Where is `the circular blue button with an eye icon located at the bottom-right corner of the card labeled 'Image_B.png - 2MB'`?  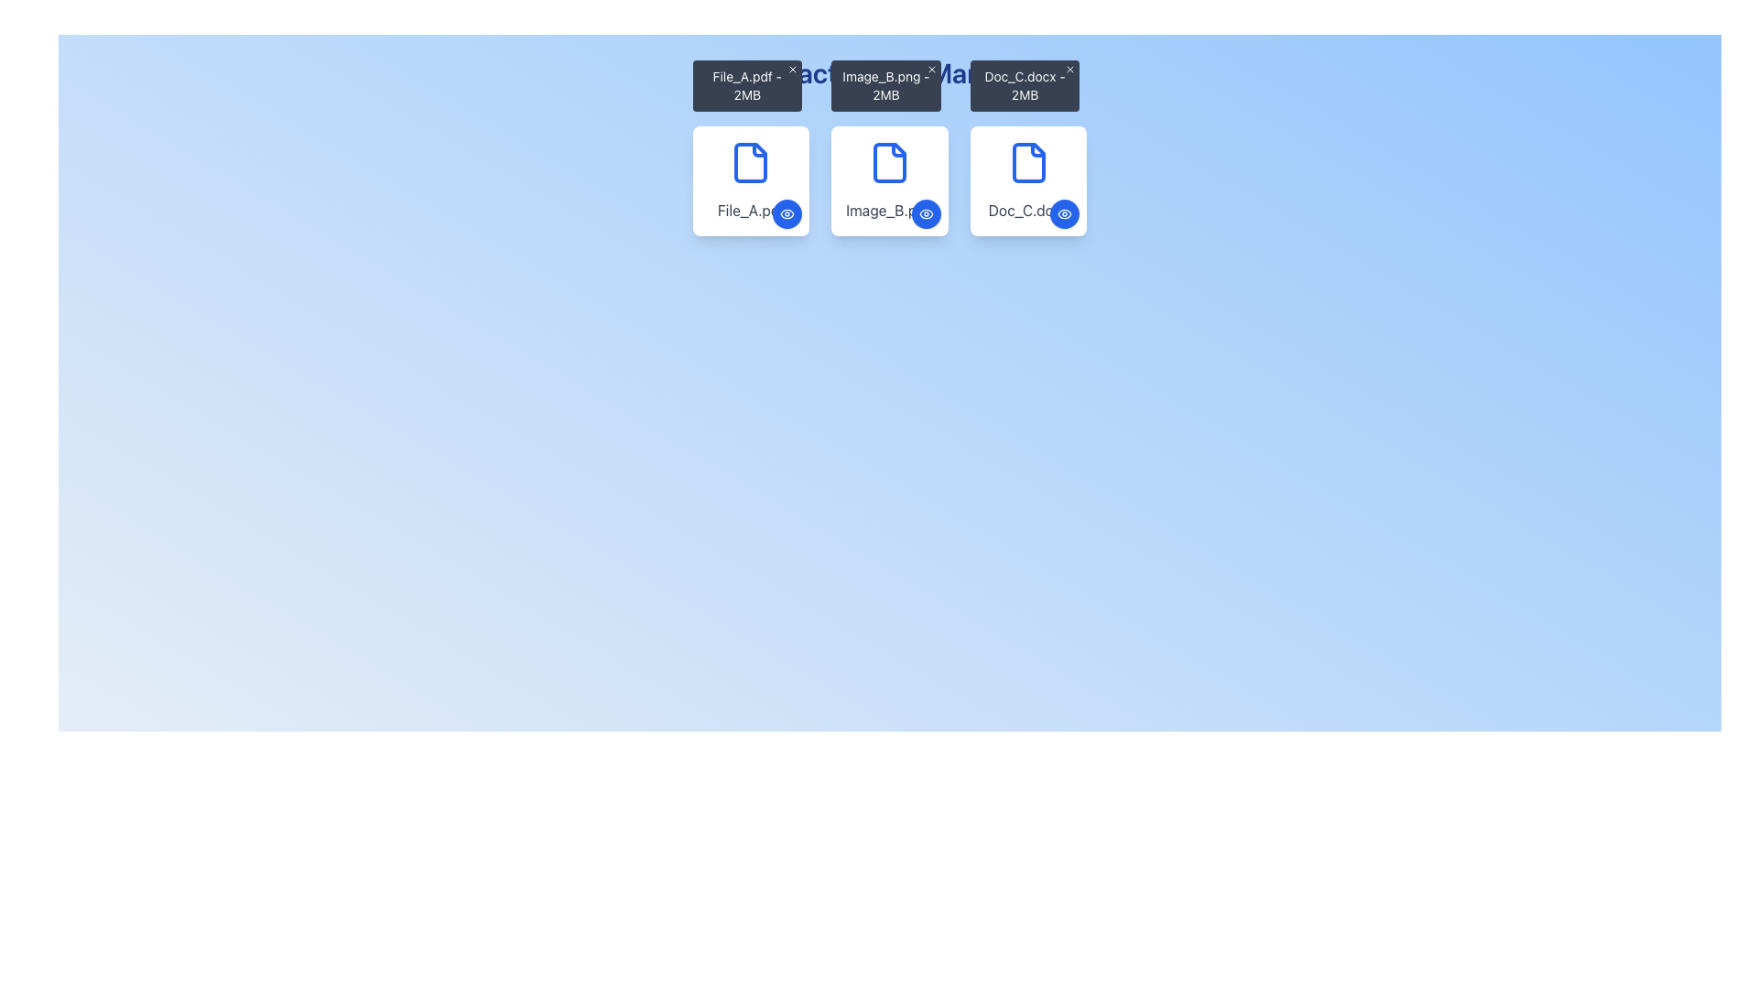 the circular blue button with an eye icon located at the bottom-right corner of the card labeled 'Image_B.png - 2MB' is located at coordinates (926, 213).